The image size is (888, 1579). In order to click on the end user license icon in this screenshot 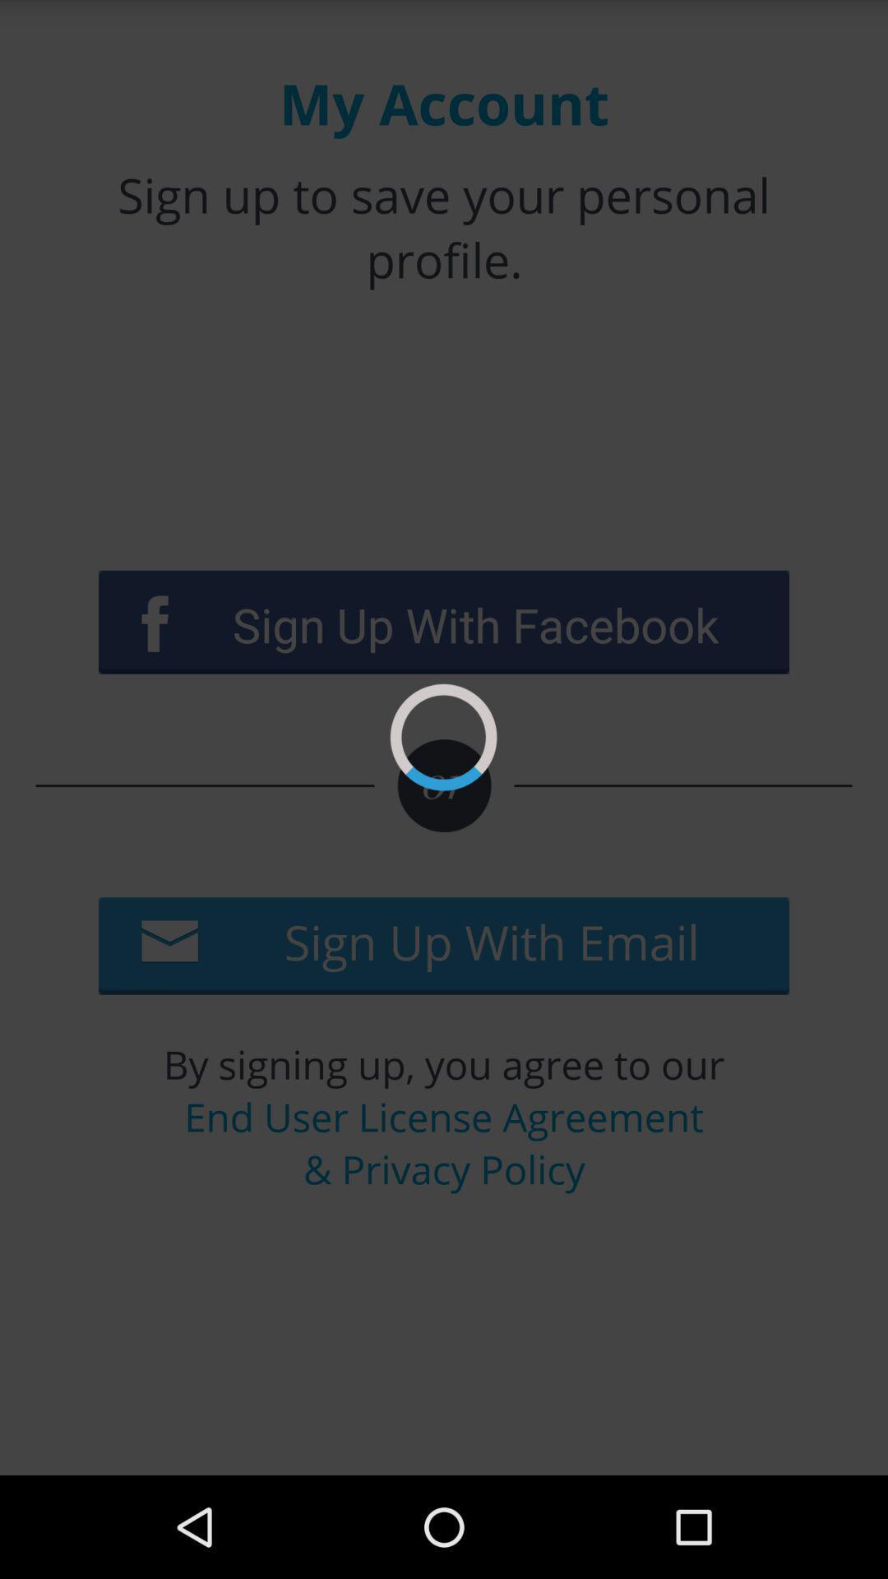, I will do `click(444, 1141)`.